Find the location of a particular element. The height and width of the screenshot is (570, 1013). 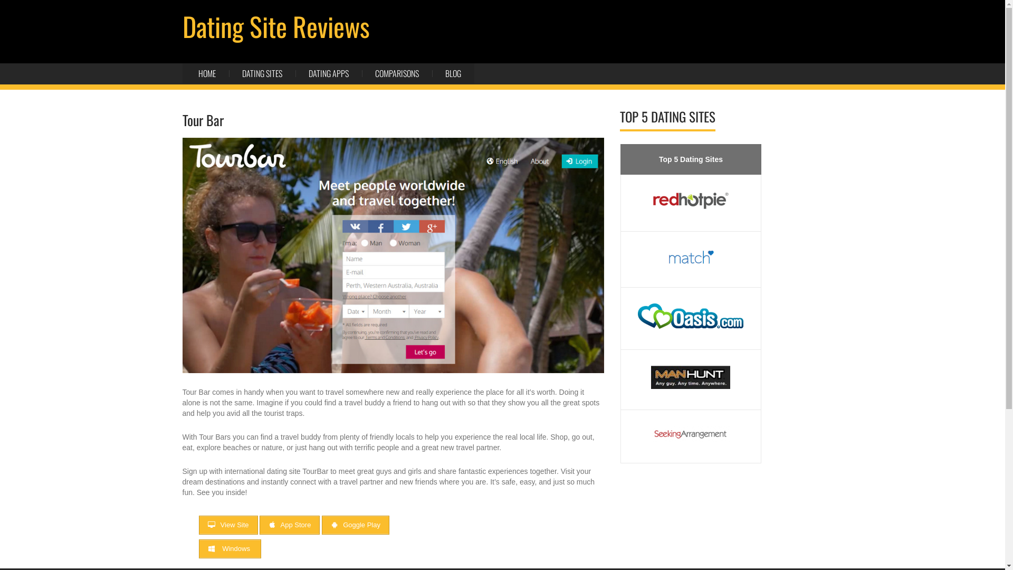

'Dating Site Reviews' is located at coordinates (276, 25).